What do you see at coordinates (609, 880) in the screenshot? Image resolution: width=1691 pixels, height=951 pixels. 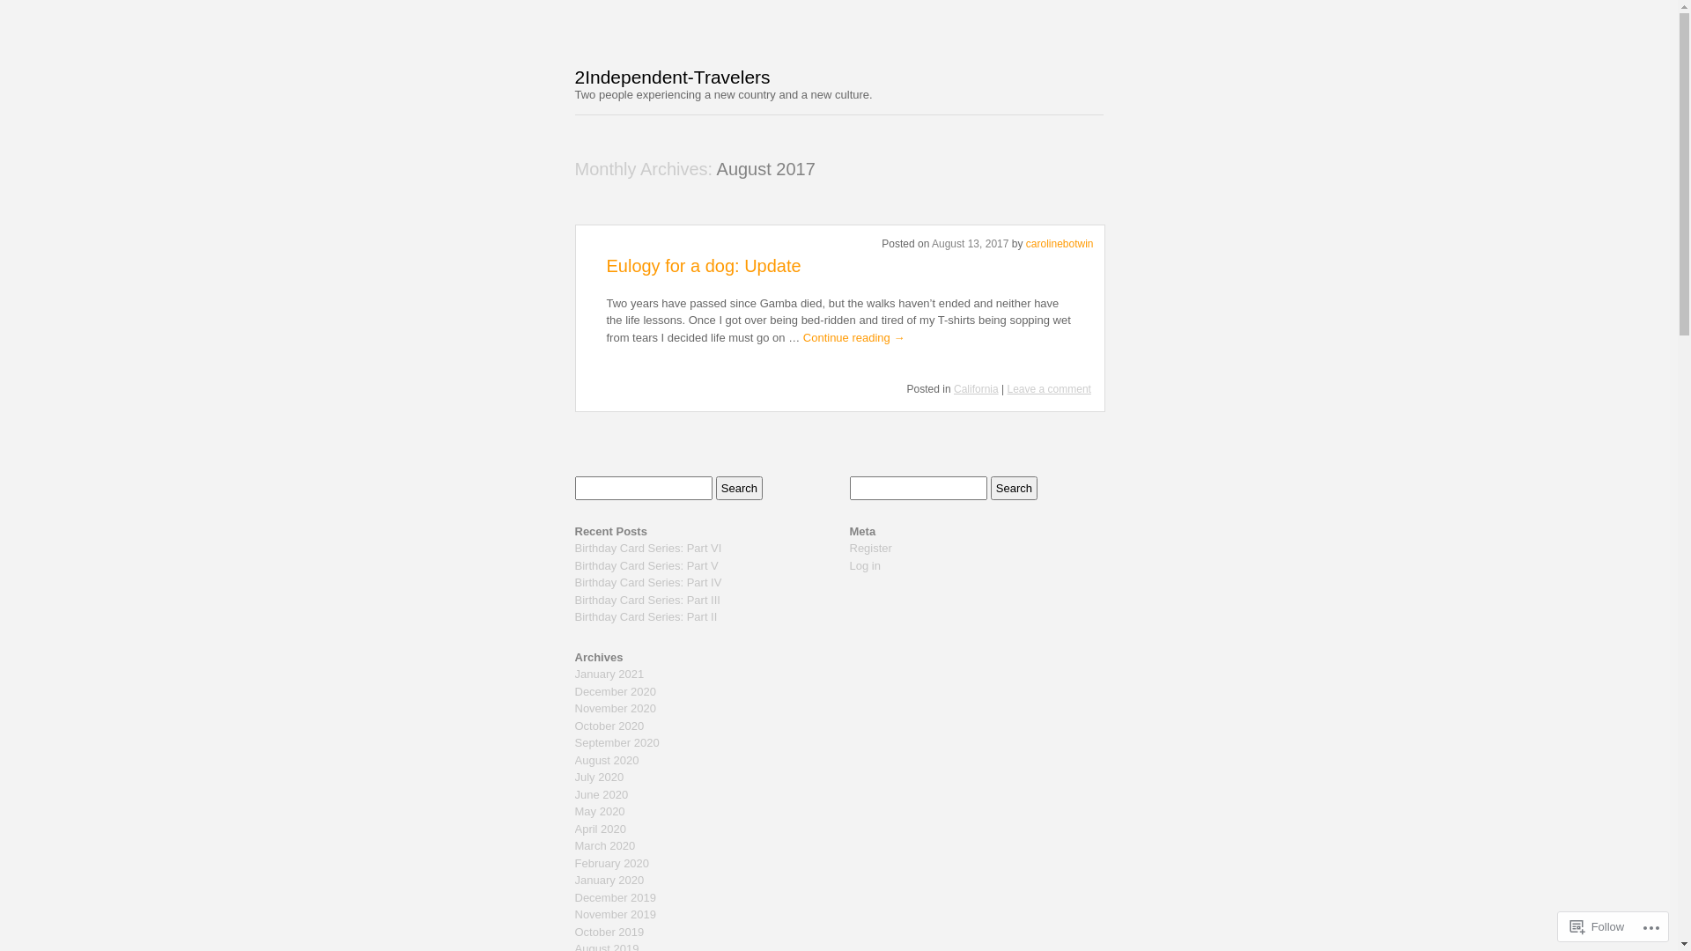 I see `'January 2020'` at bounding box center [609, 880].